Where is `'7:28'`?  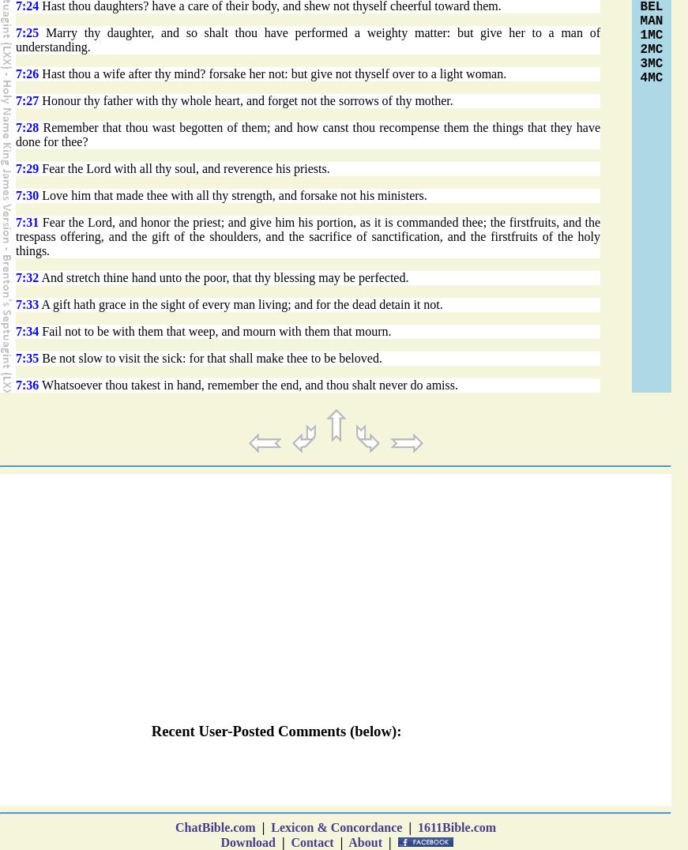 '7:28' is located at coordinates (15, 127).